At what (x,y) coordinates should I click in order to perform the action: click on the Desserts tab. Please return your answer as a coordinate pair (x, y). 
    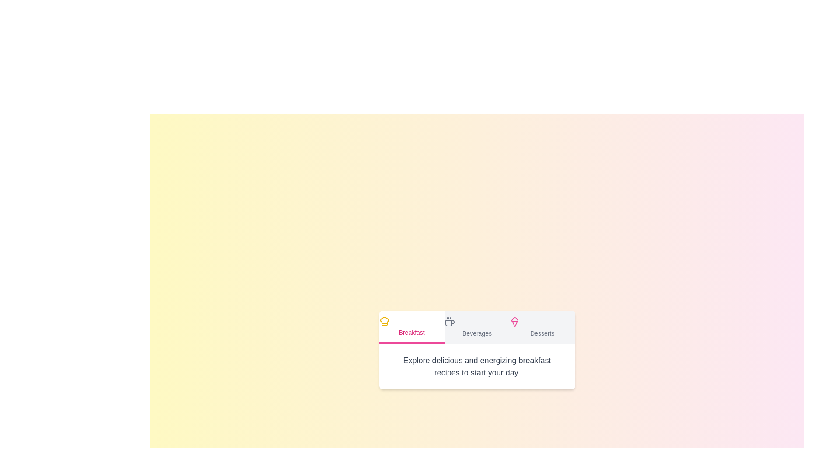
    Looking at the image, I should click on (542, 327).